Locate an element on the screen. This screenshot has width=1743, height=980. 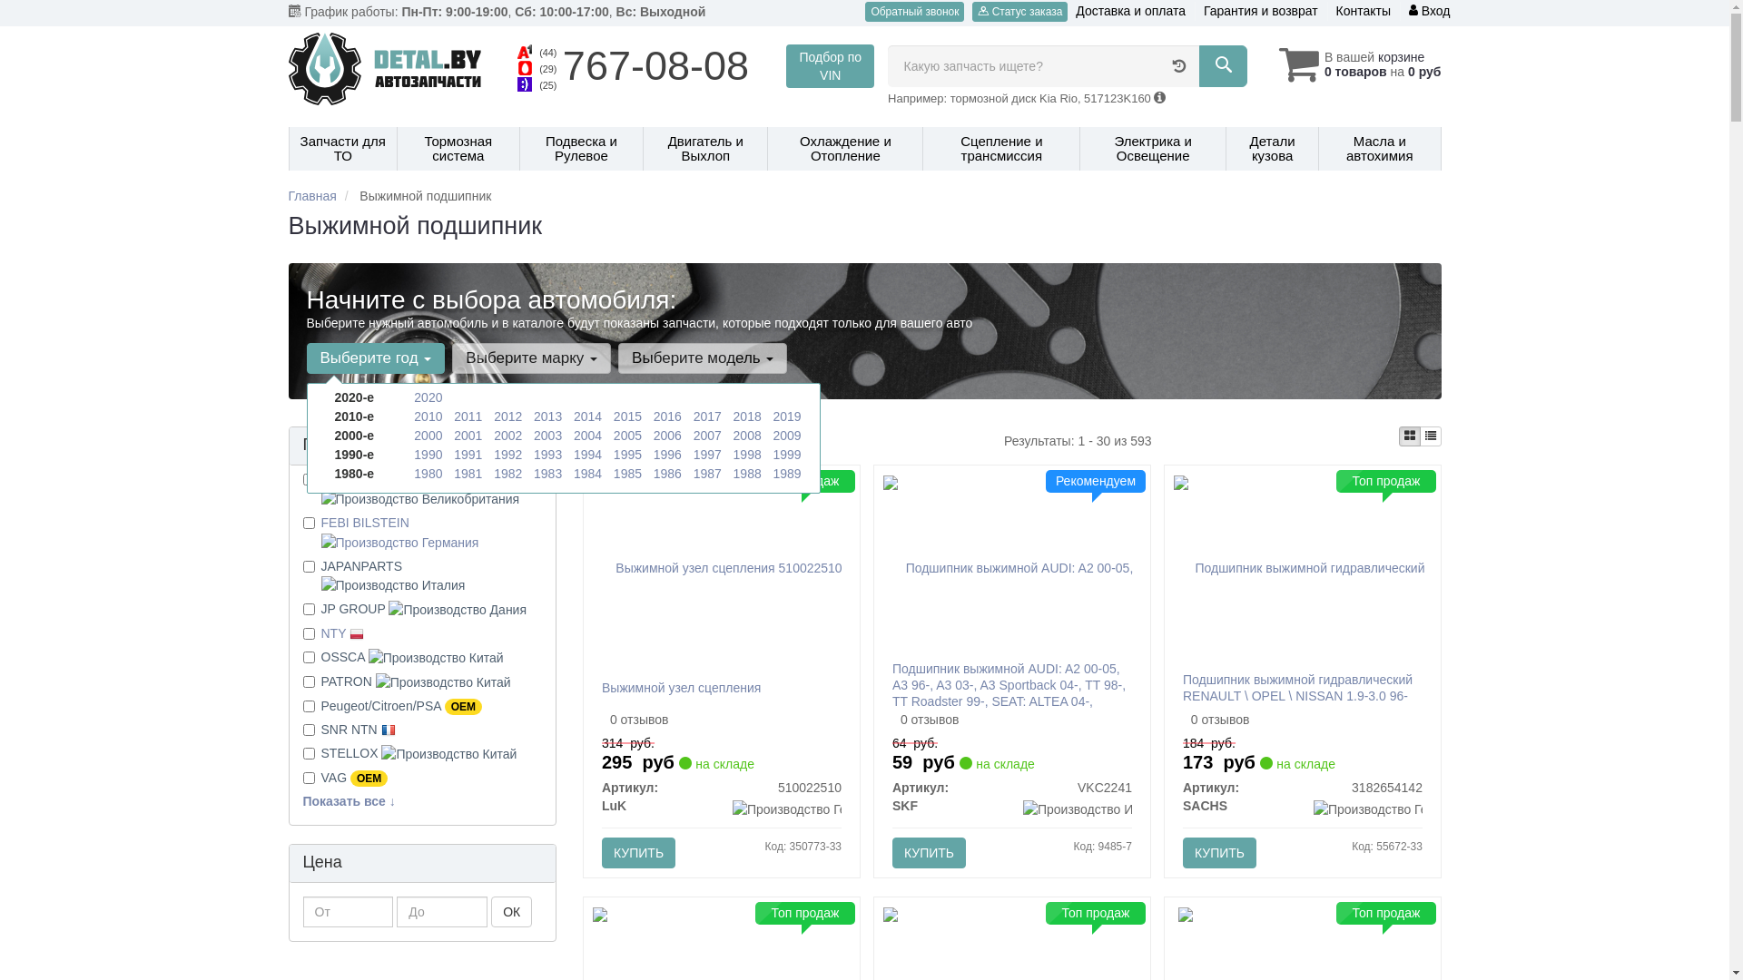
'NTY' is located at coordinates (321, 632).